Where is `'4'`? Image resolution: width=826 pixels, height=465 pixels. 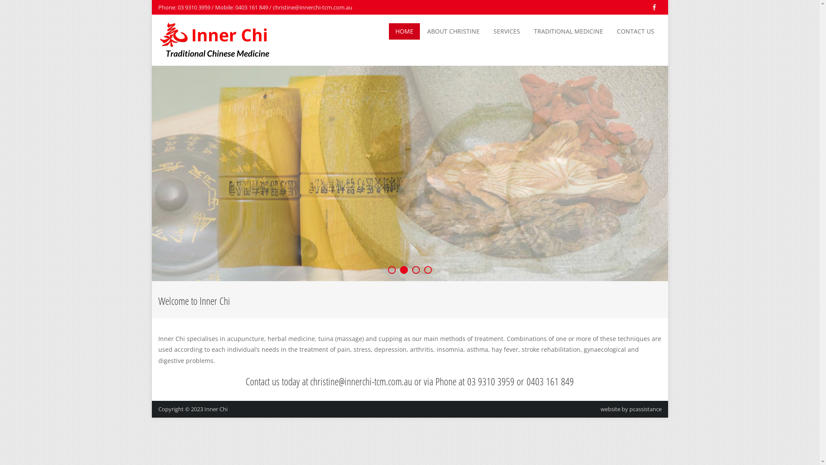 '4' is located at coordinates (428, 270).